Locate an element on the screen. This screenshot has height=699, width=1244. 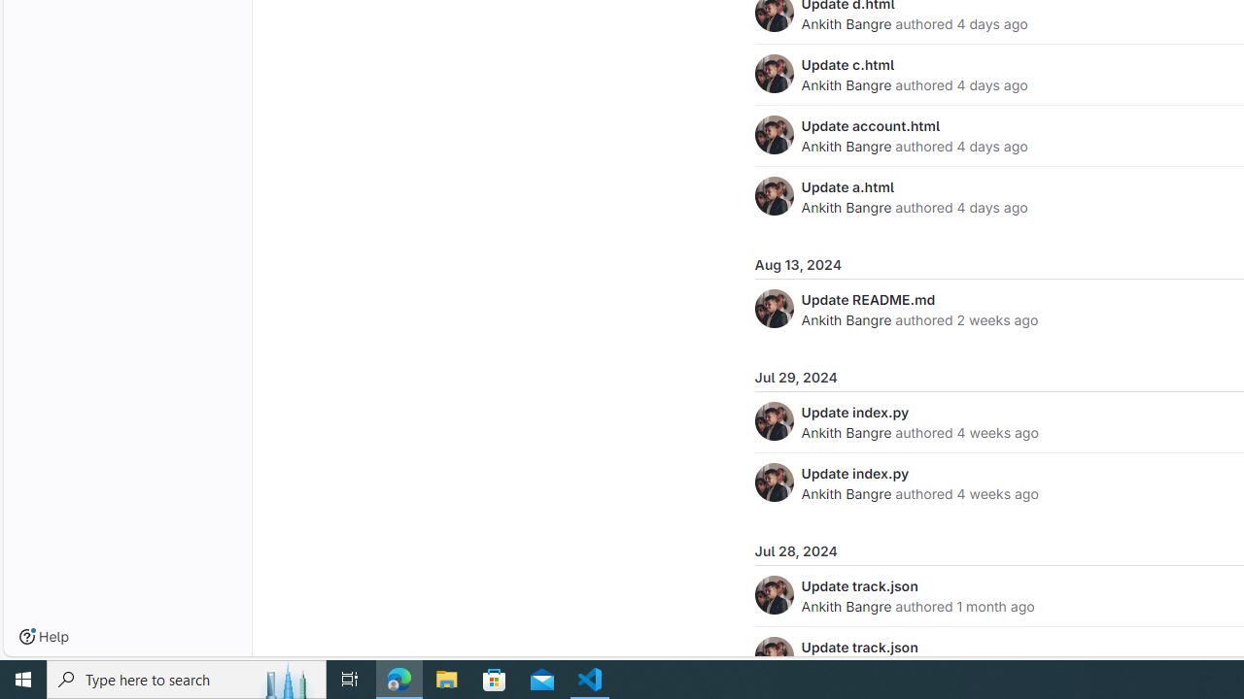
'Update README.md' is located at coordinates (867, 299).